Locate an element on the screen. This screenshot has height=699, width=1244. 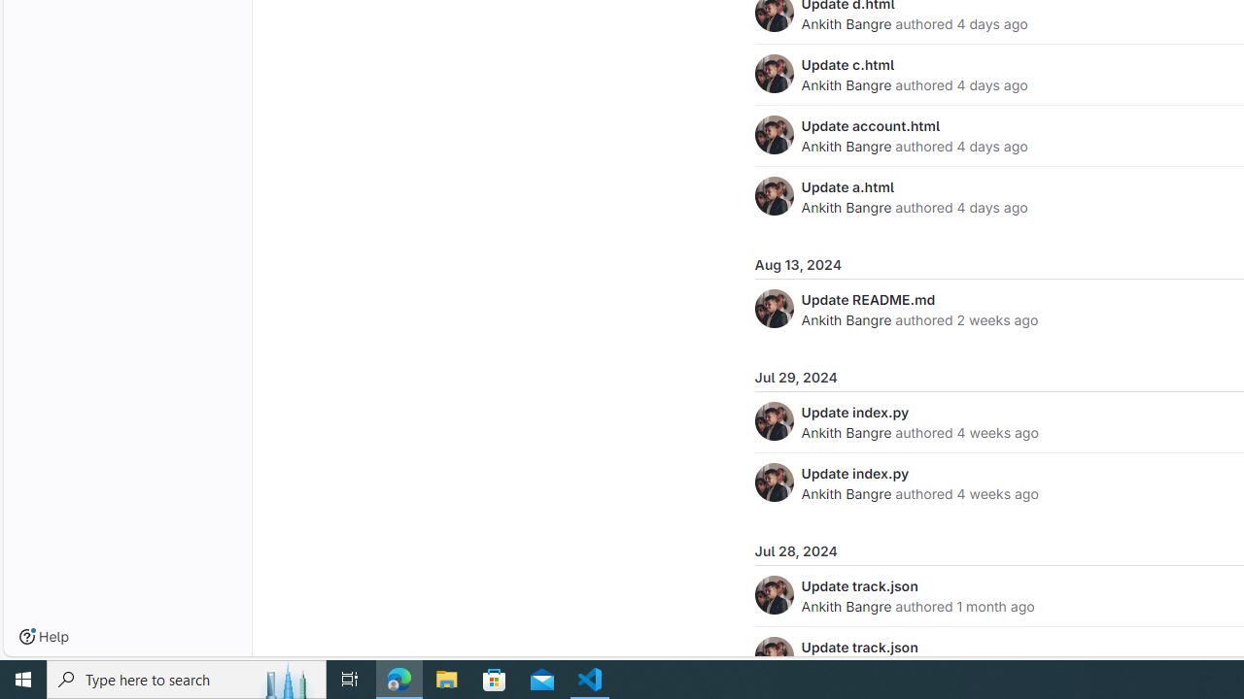
'Update README.md' is located at coordinates (867, 299).